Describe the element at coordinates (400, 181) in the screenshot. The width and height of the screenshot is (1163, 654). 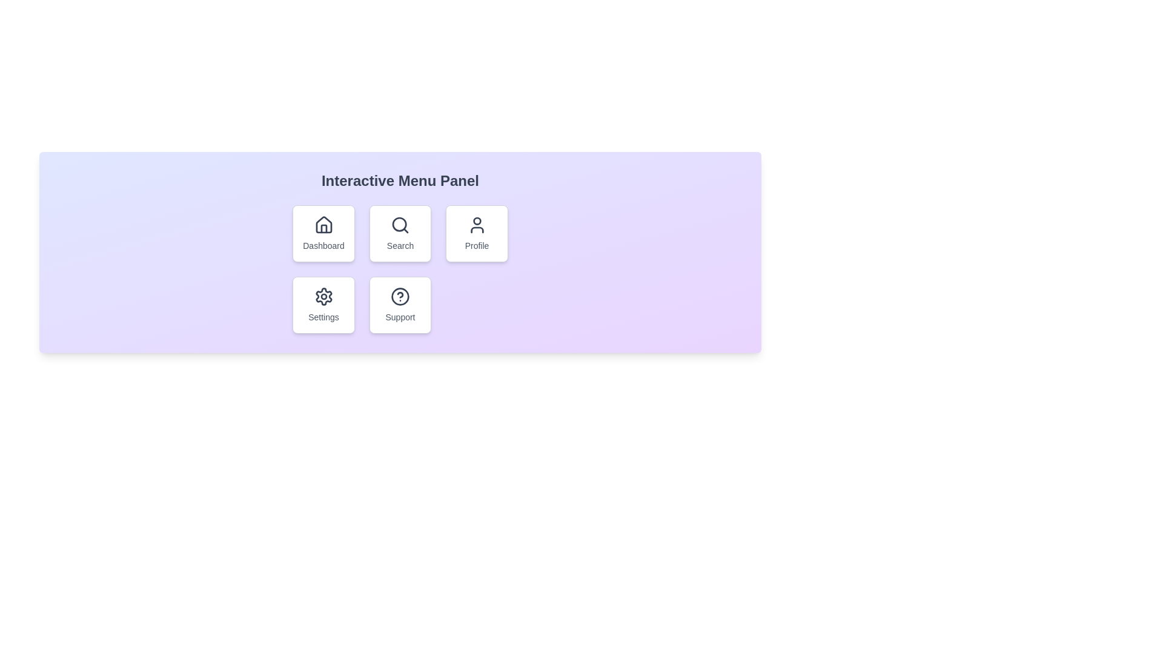
I see `text of the heading positioned at the top of the card-like component with a purple gradient background, which introduces the section below it` at that location.